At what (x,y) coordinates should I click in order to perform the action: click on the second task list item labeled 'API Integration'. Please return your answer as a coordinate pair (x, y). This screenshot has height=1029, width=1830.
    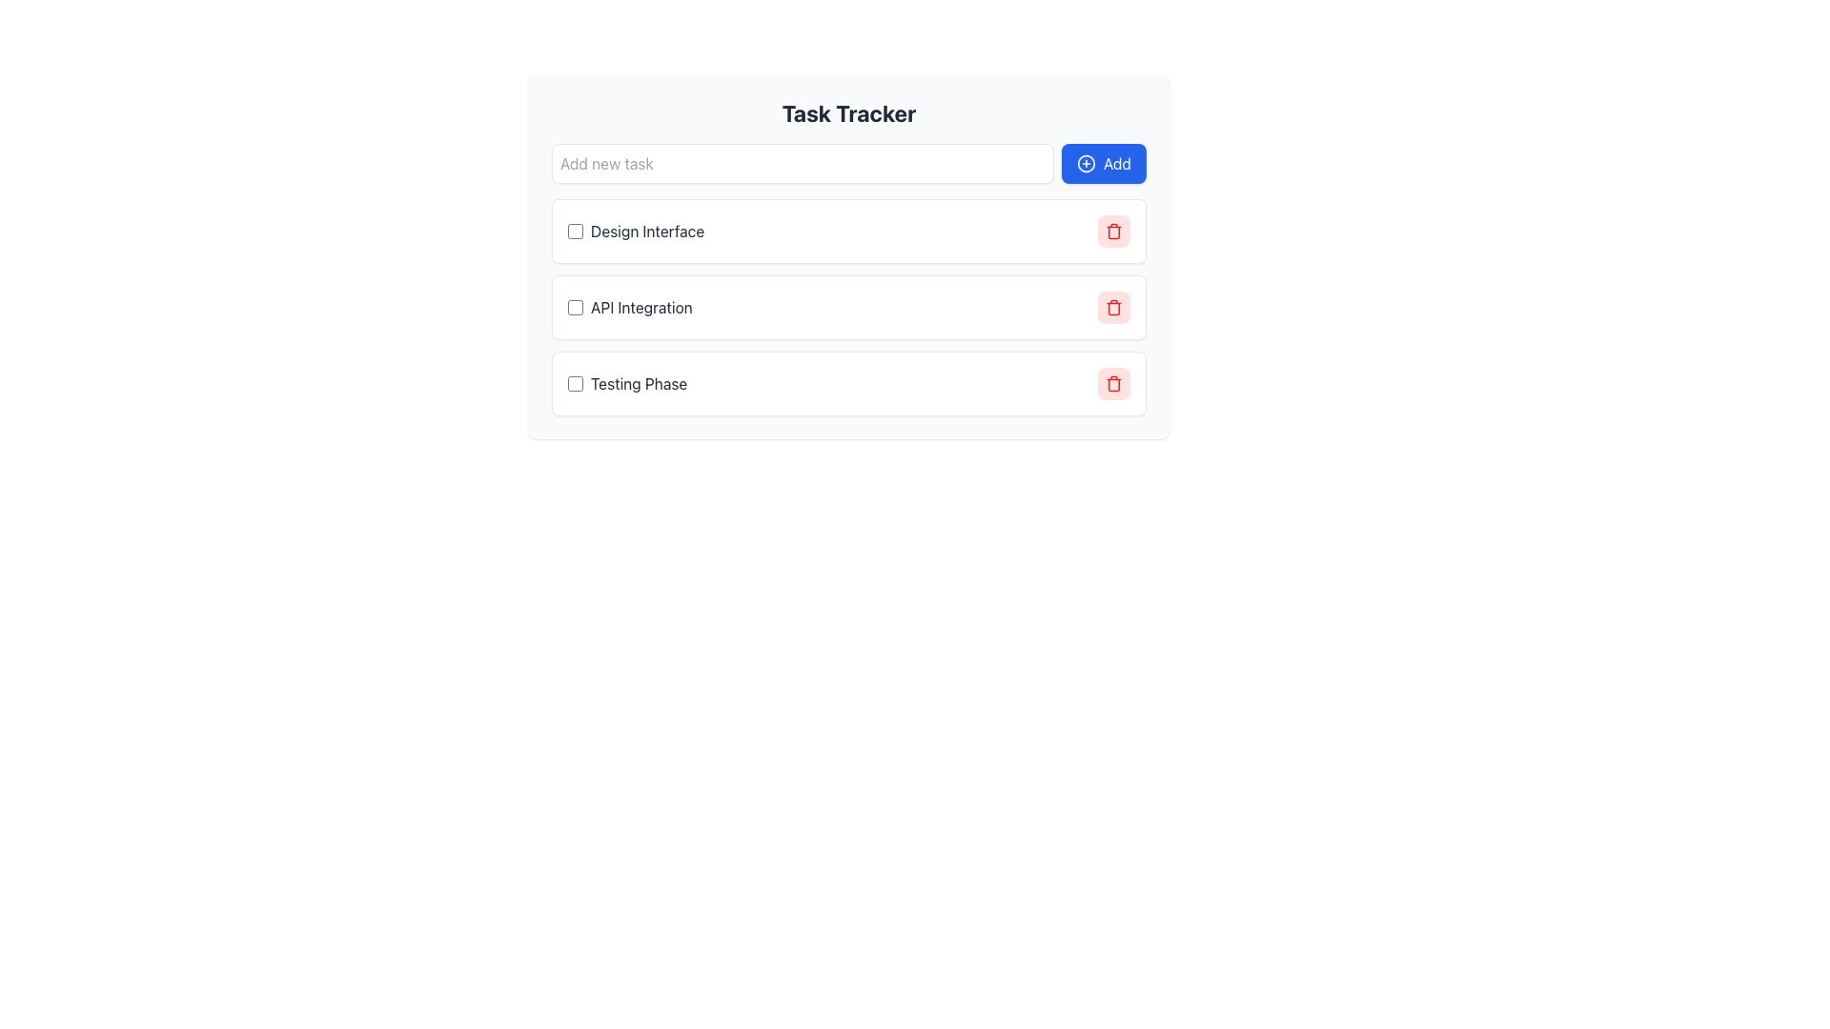
    Looking at the image, I should click on (848, 307).